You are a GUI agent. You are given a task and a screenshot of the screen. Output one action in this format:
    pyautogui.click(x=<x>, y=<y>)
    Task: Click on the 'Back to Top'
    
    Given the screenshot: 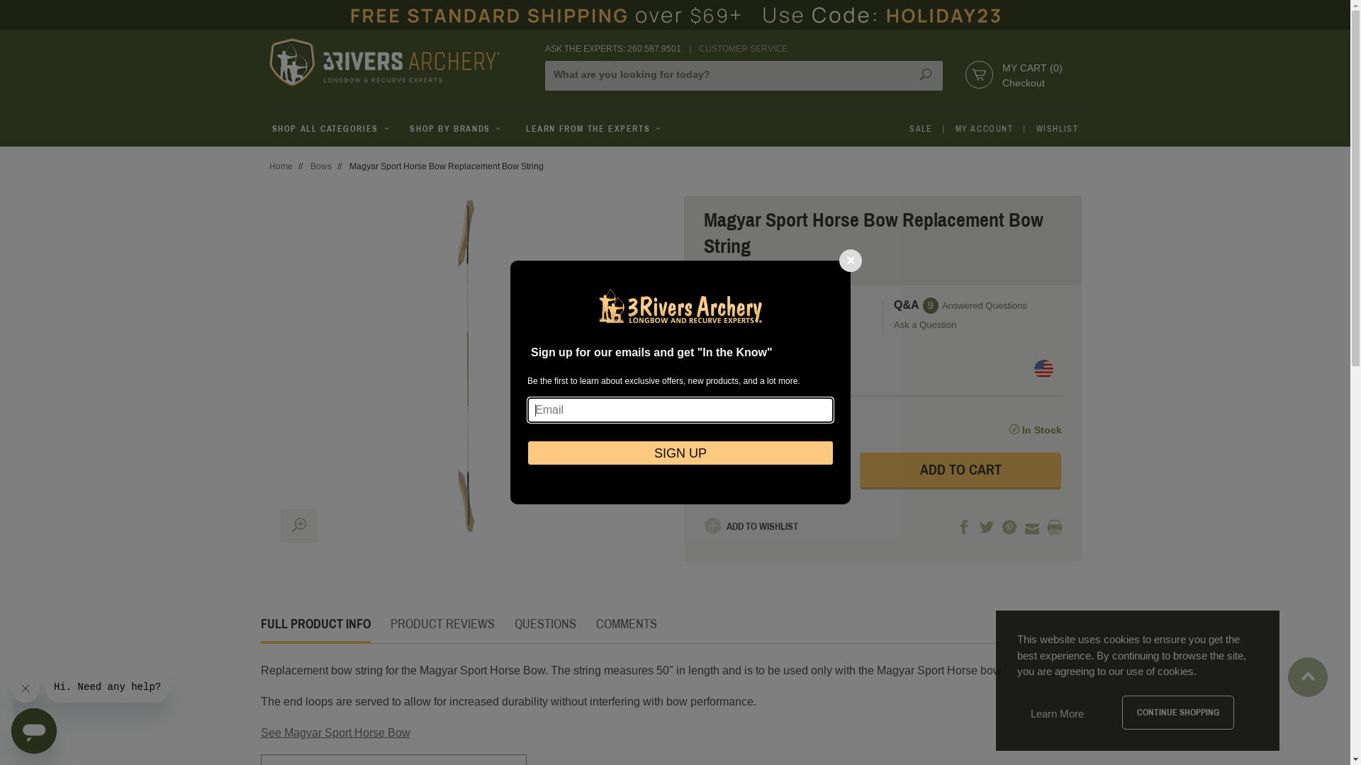 What is the action you would take?
    pyautogui.click(x=1307, y=669)
    